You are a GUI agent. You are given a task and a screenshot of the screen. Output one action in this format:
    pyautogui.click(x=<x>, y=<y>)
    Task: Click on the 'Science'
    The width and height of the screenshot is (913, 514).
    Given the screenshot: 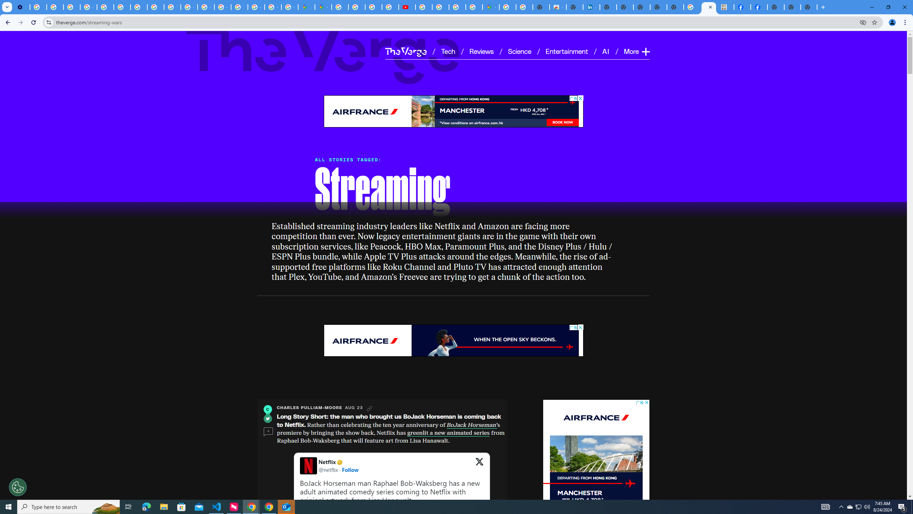 What is the action you would take?
    pyautogui.click(x=519, y=51)
    